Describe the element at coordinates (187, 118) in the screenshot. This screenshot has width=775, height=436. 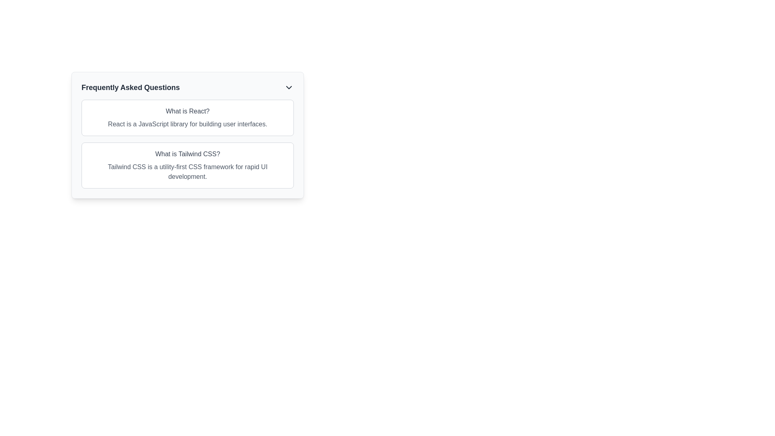
I see `the first informational card about 'React' in the FAQ section, located directly above the card titled 'What is Tailwind CSS'` at that location.